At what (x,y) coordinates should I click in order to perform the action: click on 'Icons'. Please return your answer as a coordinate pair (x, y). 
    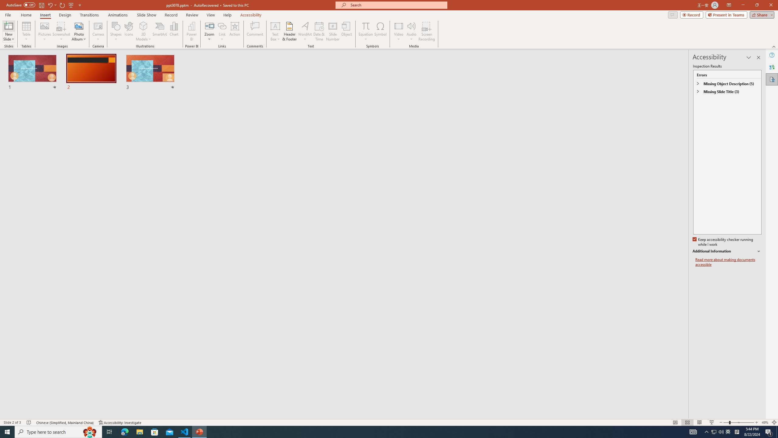
    Looking at the image, I should click on (129, 31).